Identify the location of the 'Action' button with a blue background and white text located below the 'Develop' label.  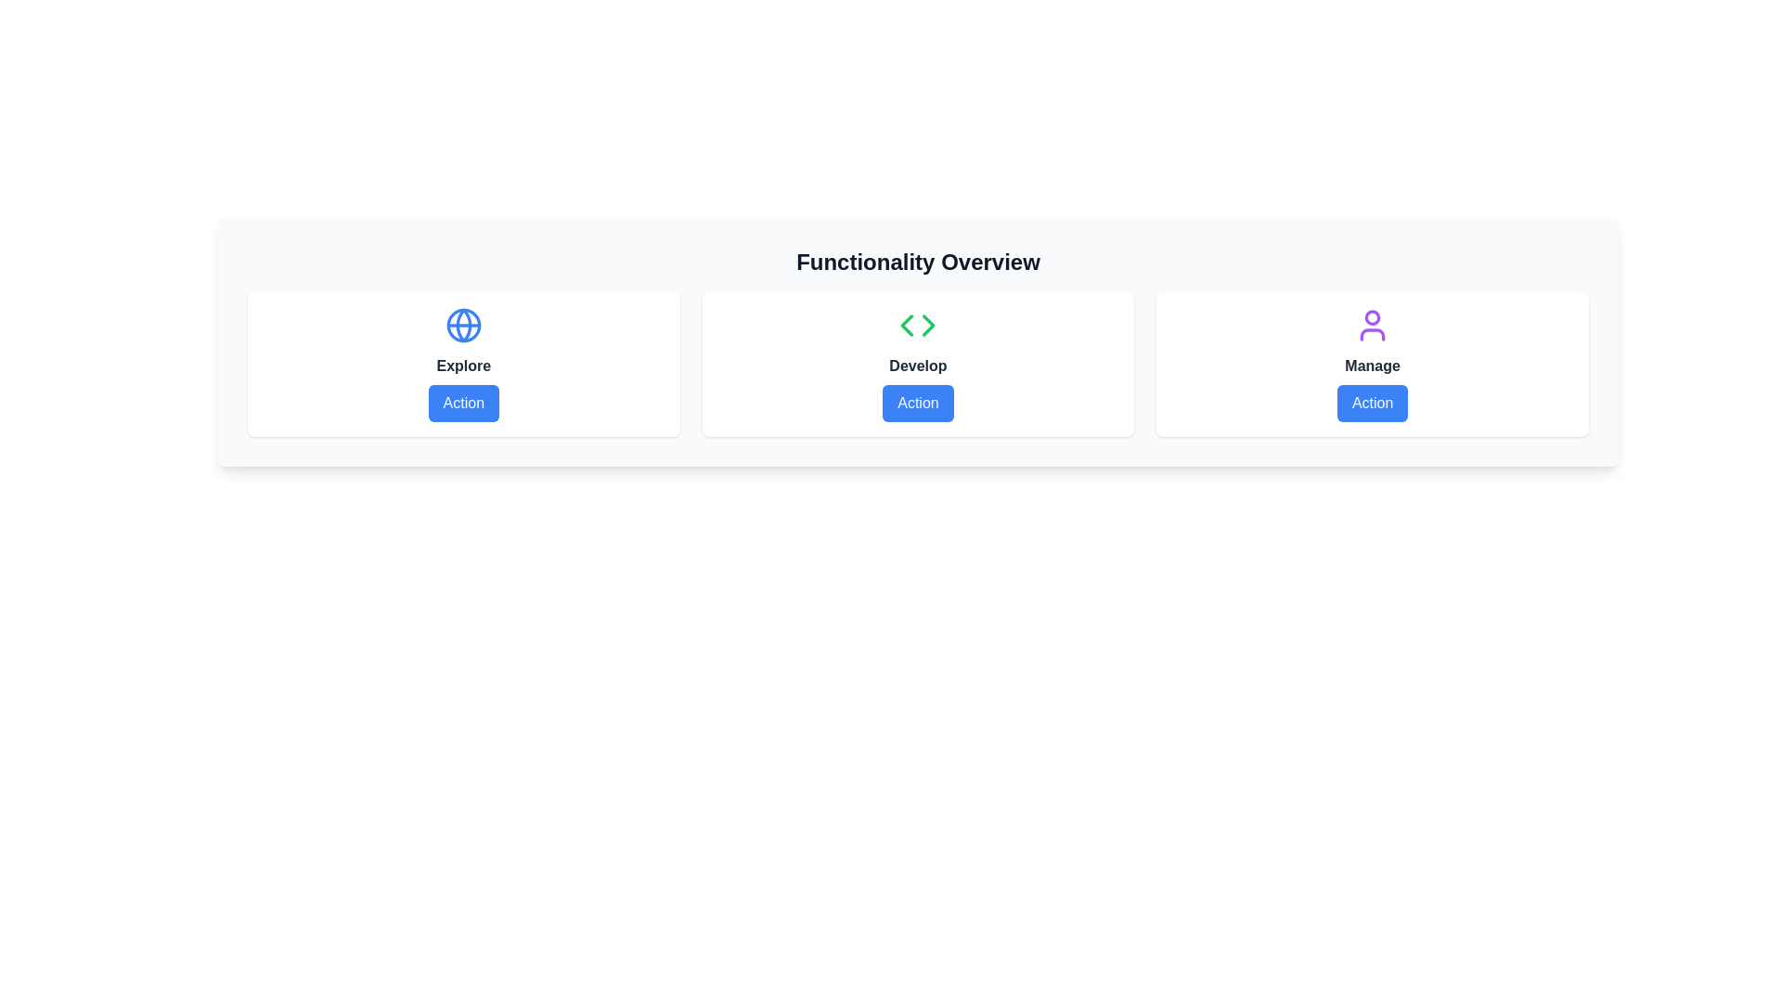
(918, 403).